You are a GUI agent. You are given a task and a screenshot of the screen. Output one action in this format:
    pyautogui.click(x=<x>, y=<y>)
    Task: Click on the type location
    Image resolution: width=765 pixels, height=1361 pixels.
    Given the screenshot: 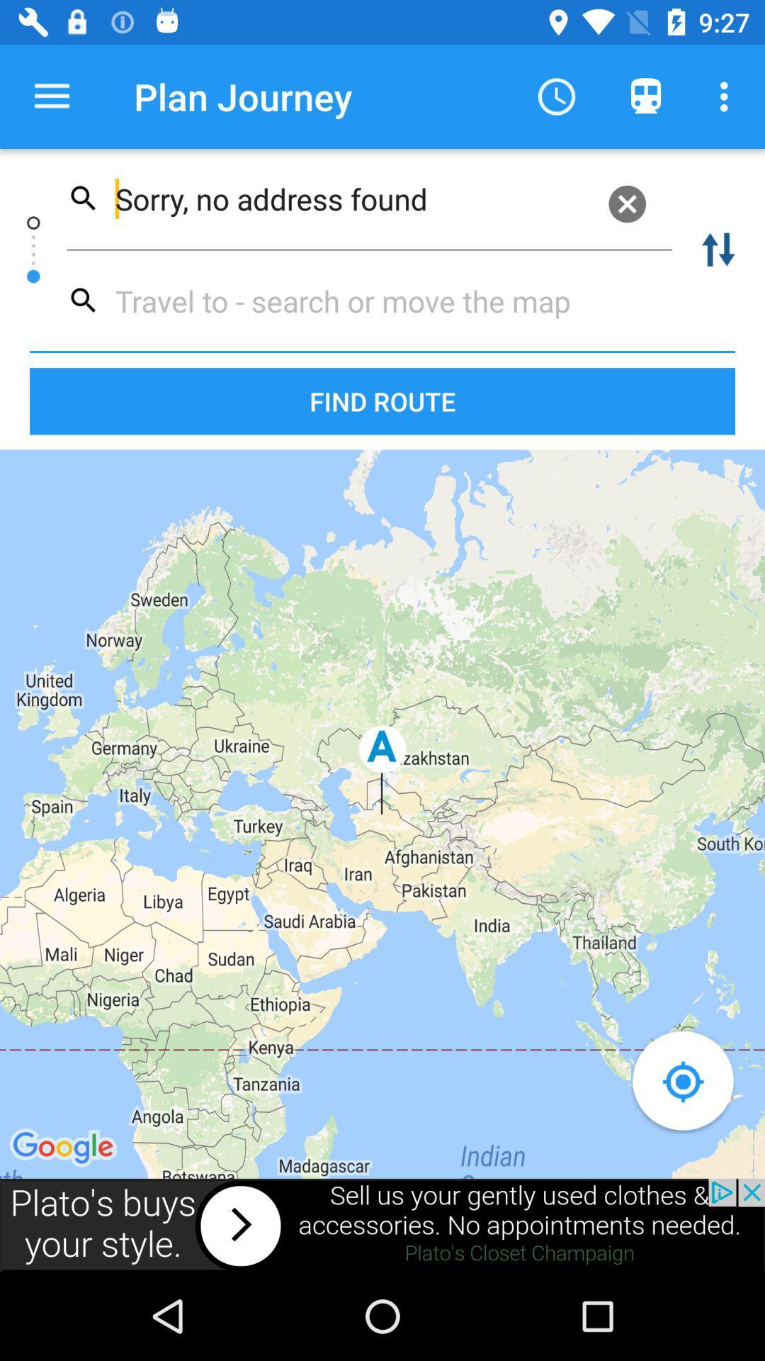 What is the action you would take?
    pyautogui.click(x=363, y=300)
    